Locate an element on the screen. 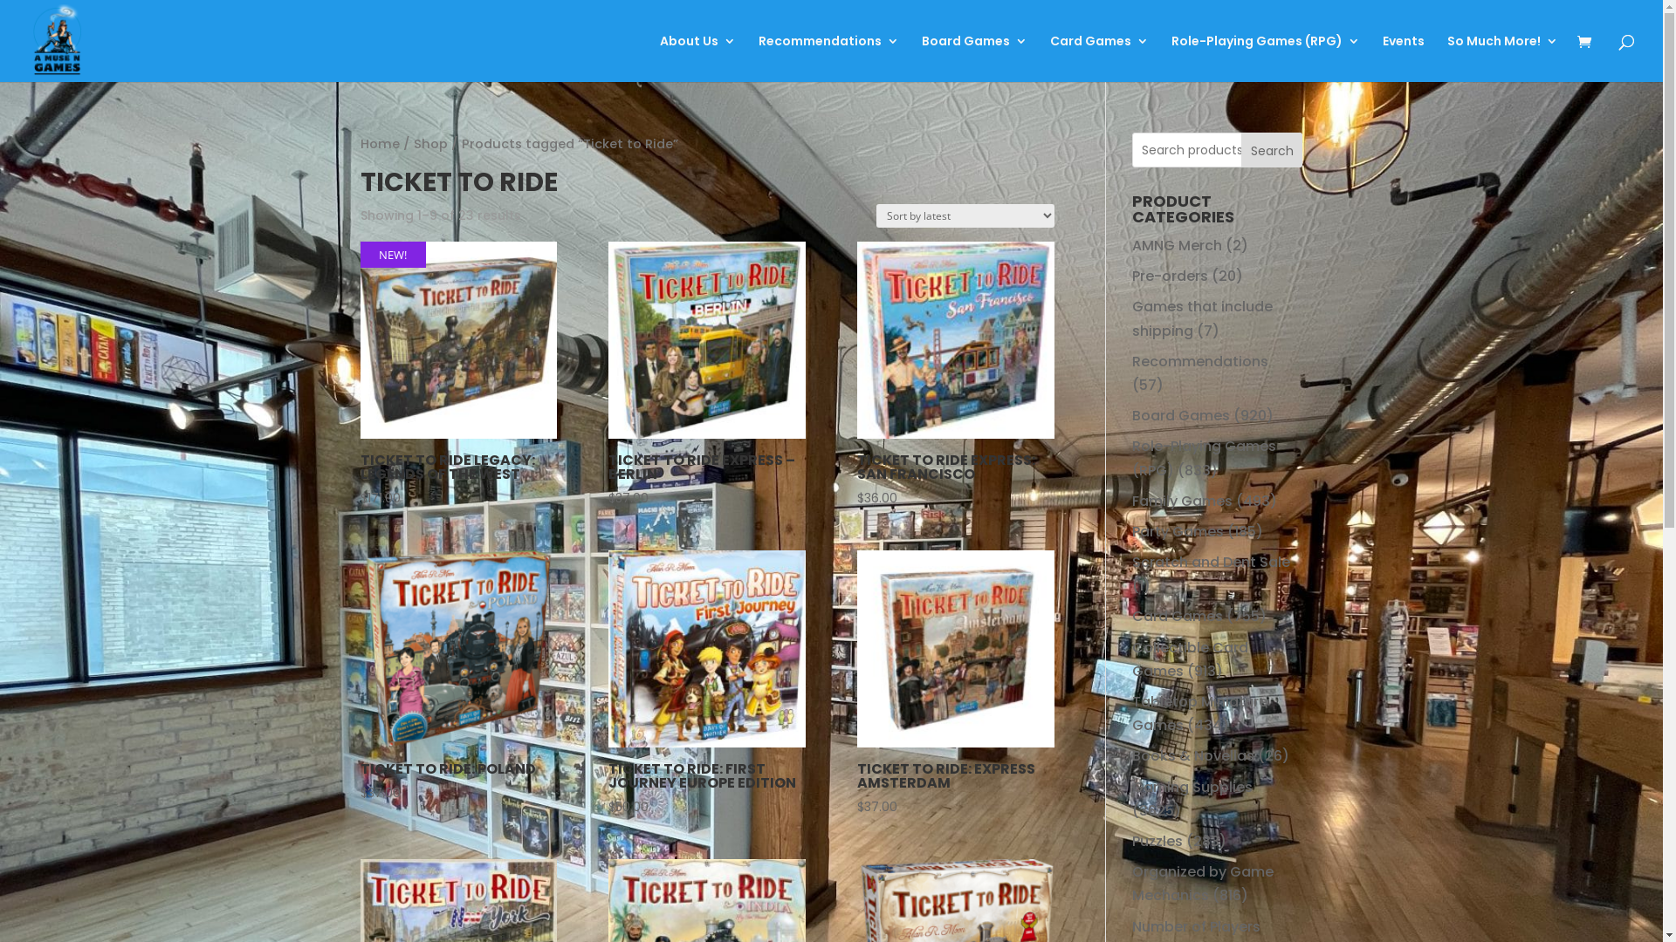 This screenshot has height=942, width=1676. 'Gaming Supplies' is located at coordinates (1192, 787).